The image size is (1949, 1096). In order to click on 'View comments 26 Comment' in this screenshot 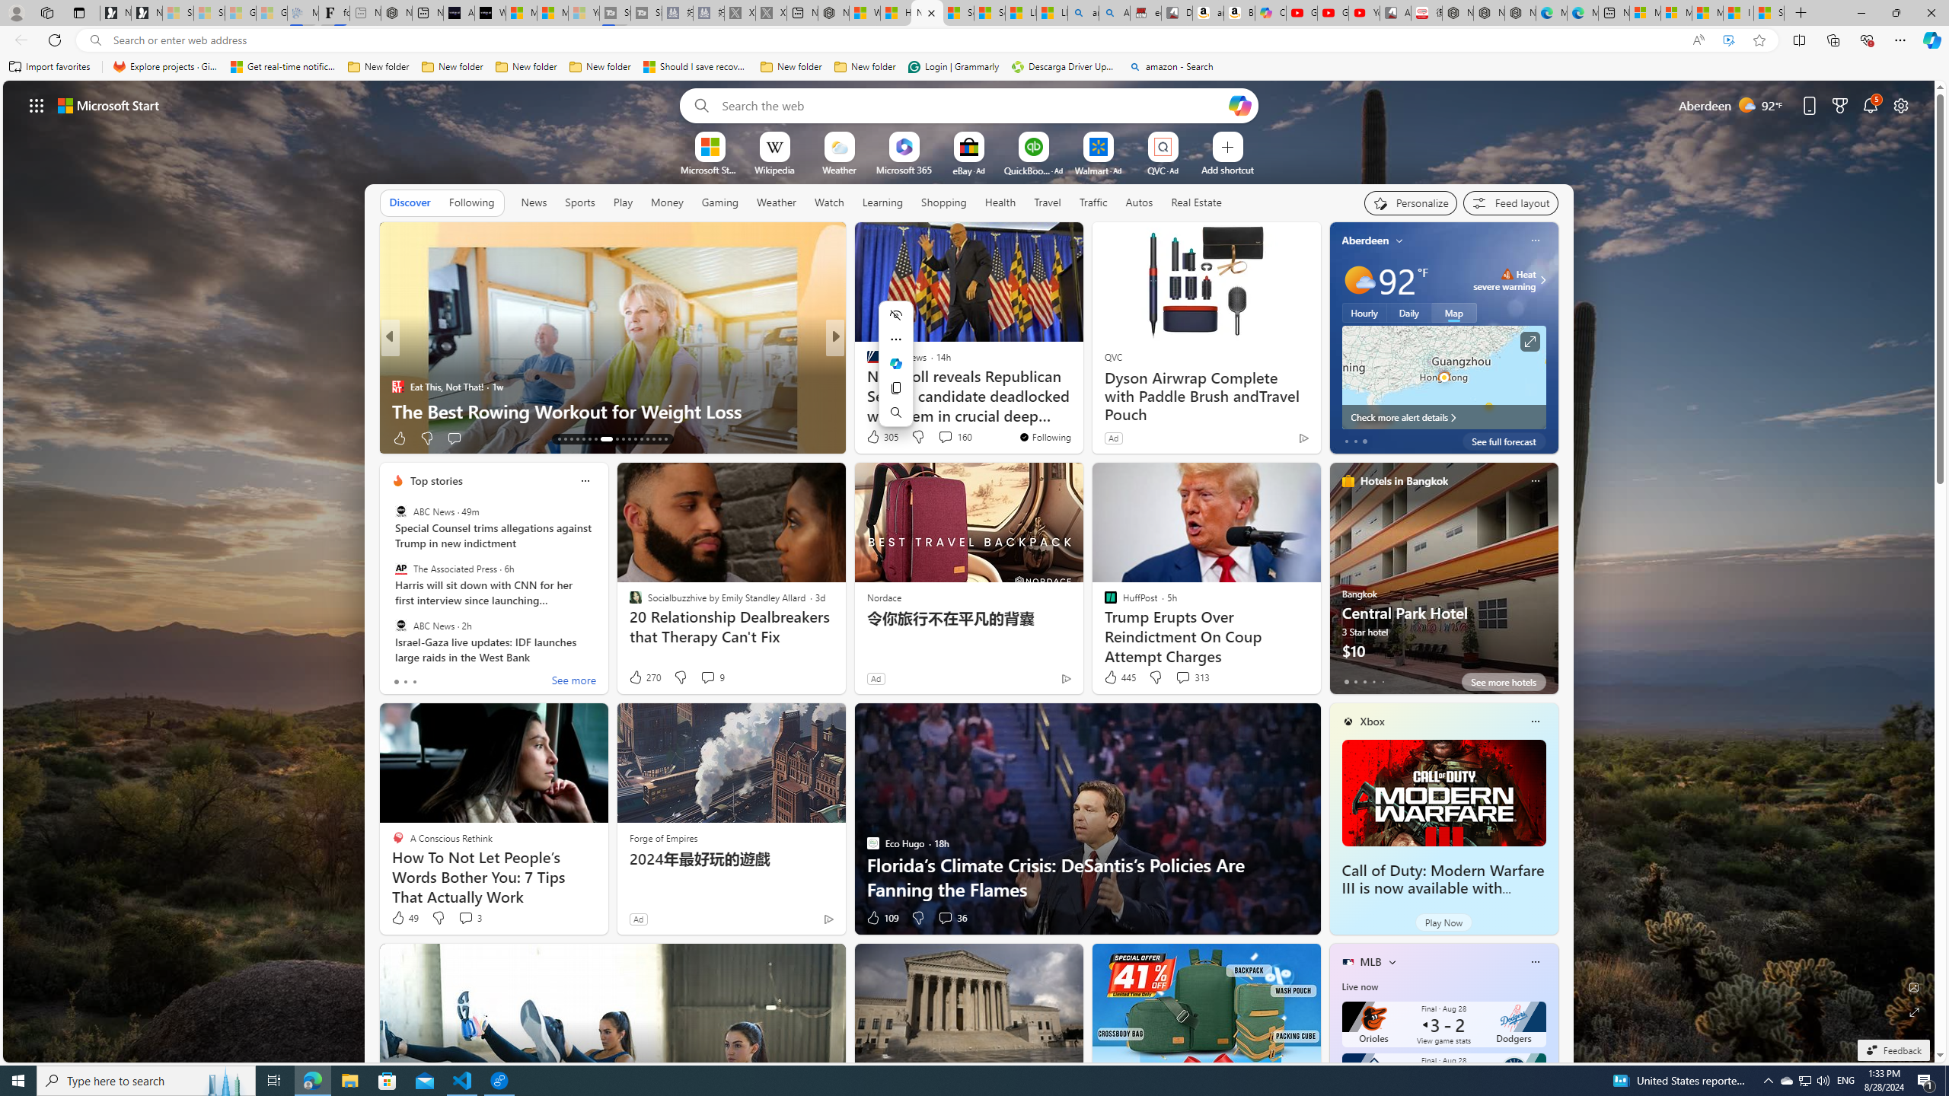, I will do `click(473, 438)`.